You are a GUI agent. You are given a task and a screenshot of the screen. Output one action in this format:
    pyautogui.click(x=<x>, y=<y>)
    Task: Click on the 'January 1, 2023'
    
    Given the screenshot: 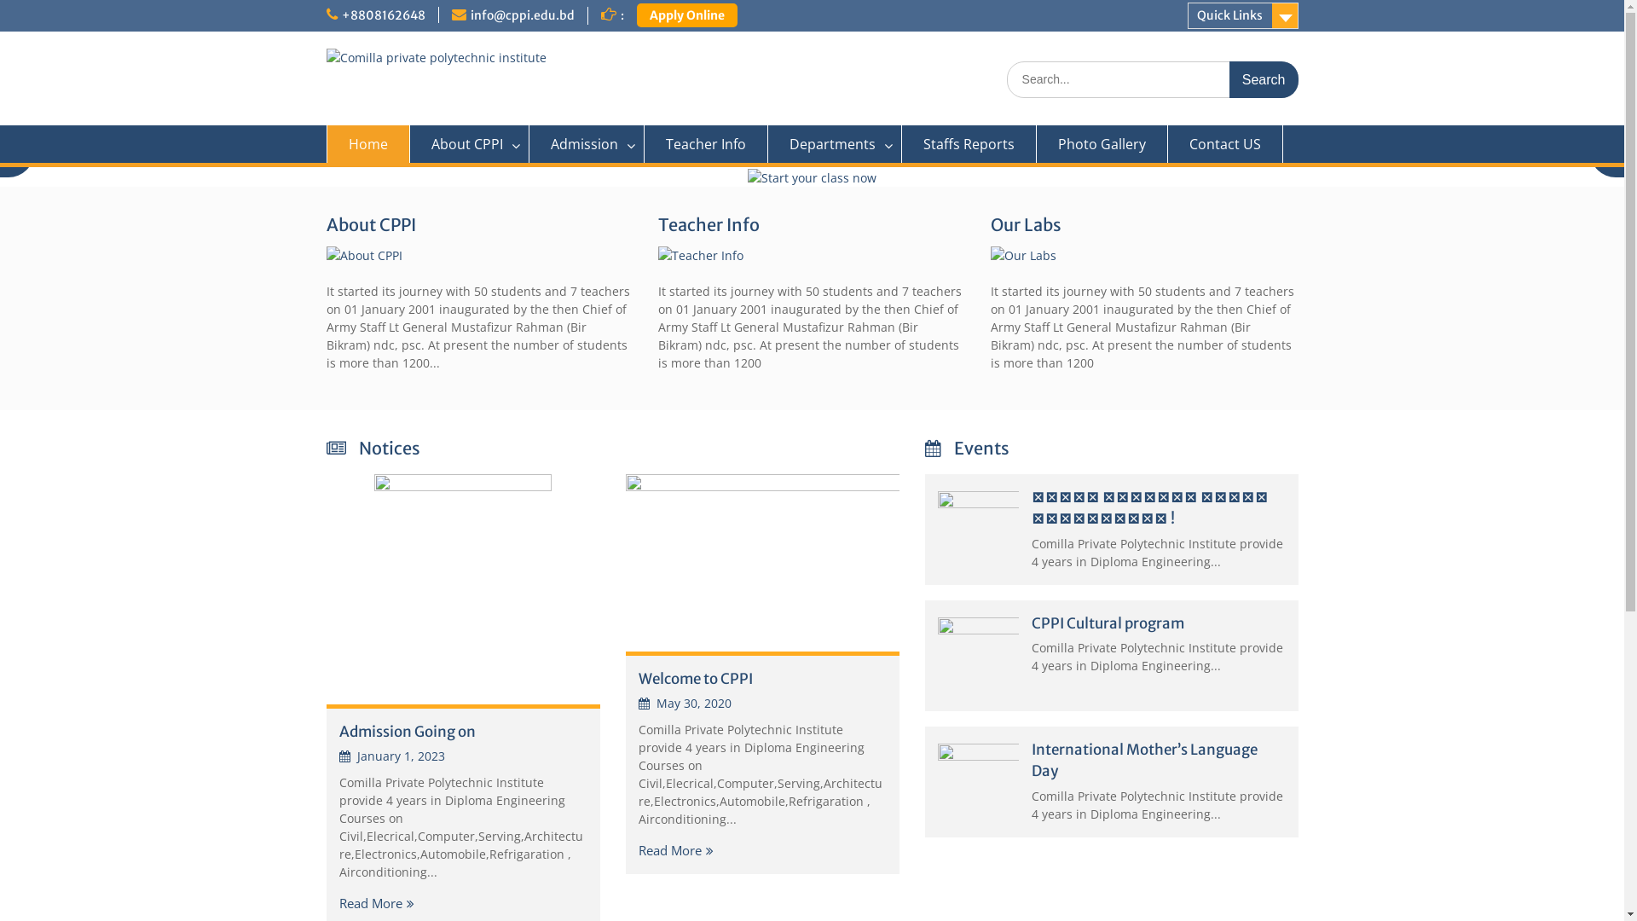 What is the action you would take?
    pyautogui.click(x=391, y=755)
    